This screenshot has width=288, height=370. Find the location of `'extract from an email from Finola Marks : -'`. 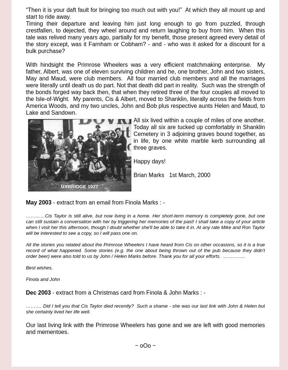

'extract from an email from Finola Marks : -' is located at coordinates (109, 202).